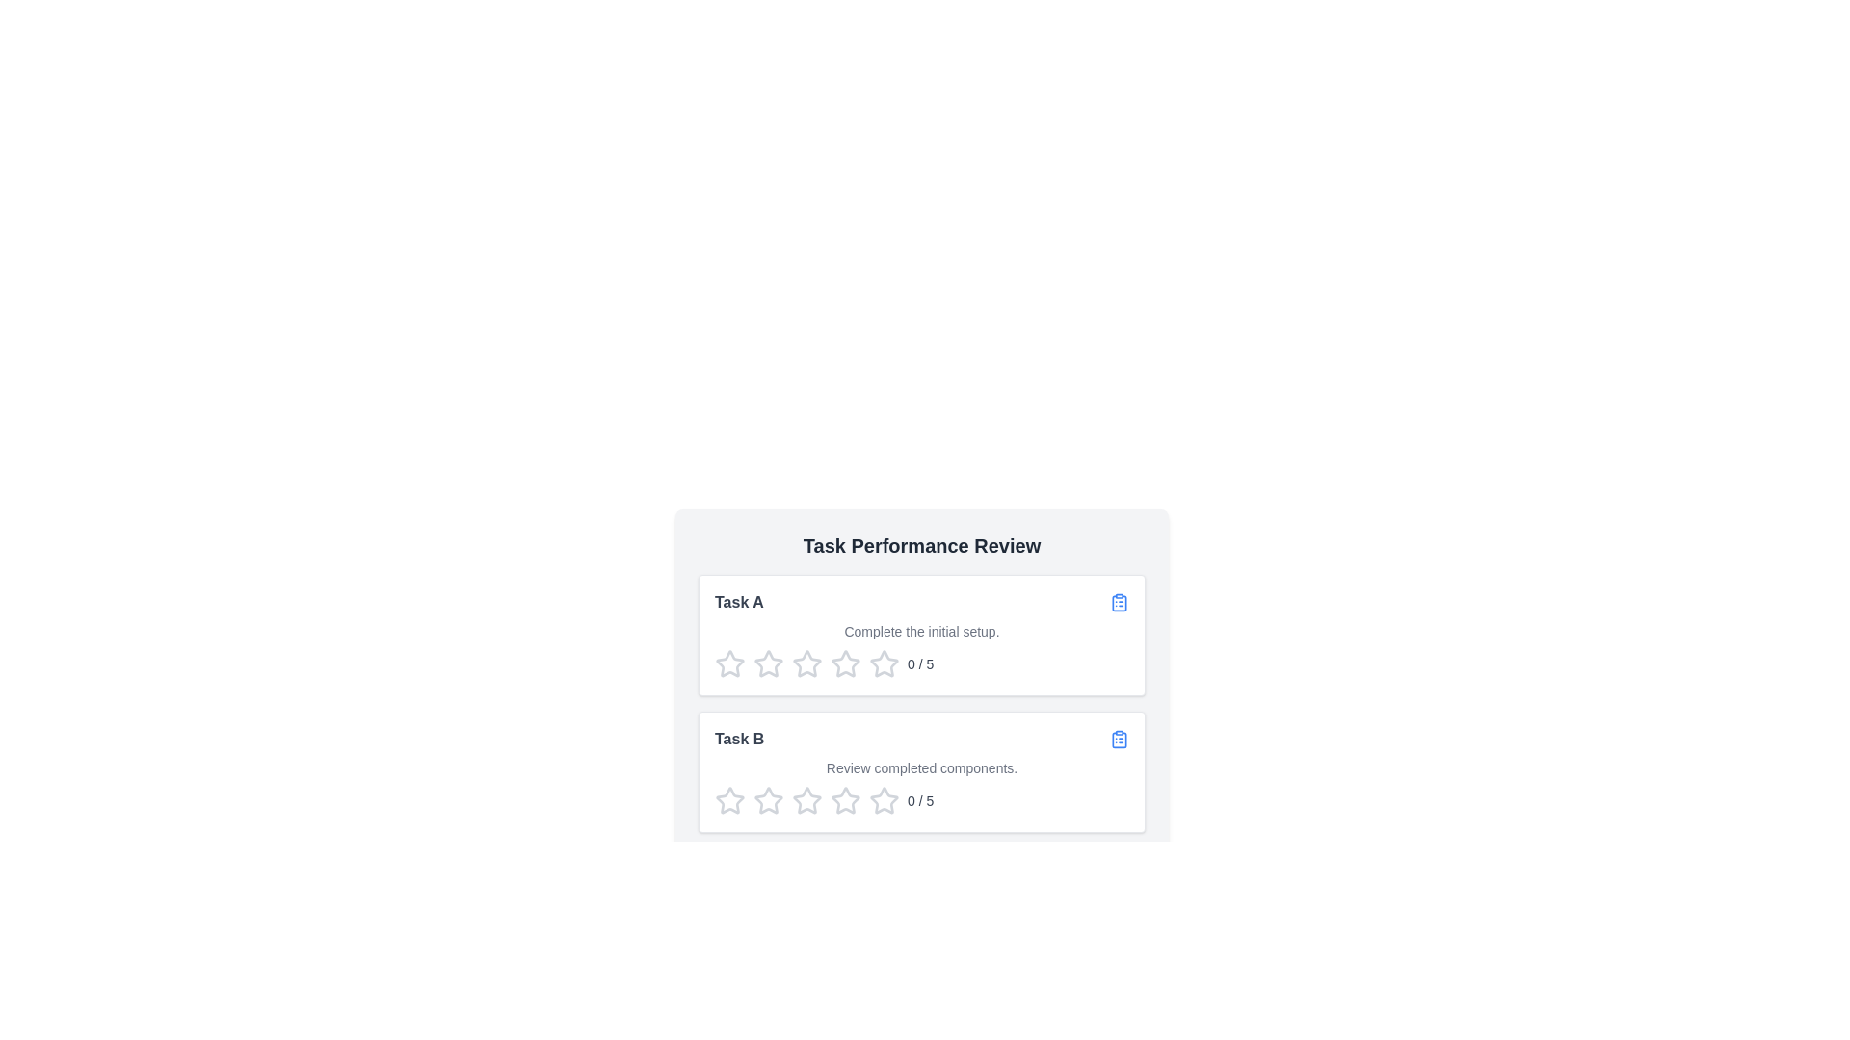  Describe the element at coordinates (883, 801) in the screenshot. I see `the fifth rating star in the 'Task B' section to allow the user to rate the performance` at that location.